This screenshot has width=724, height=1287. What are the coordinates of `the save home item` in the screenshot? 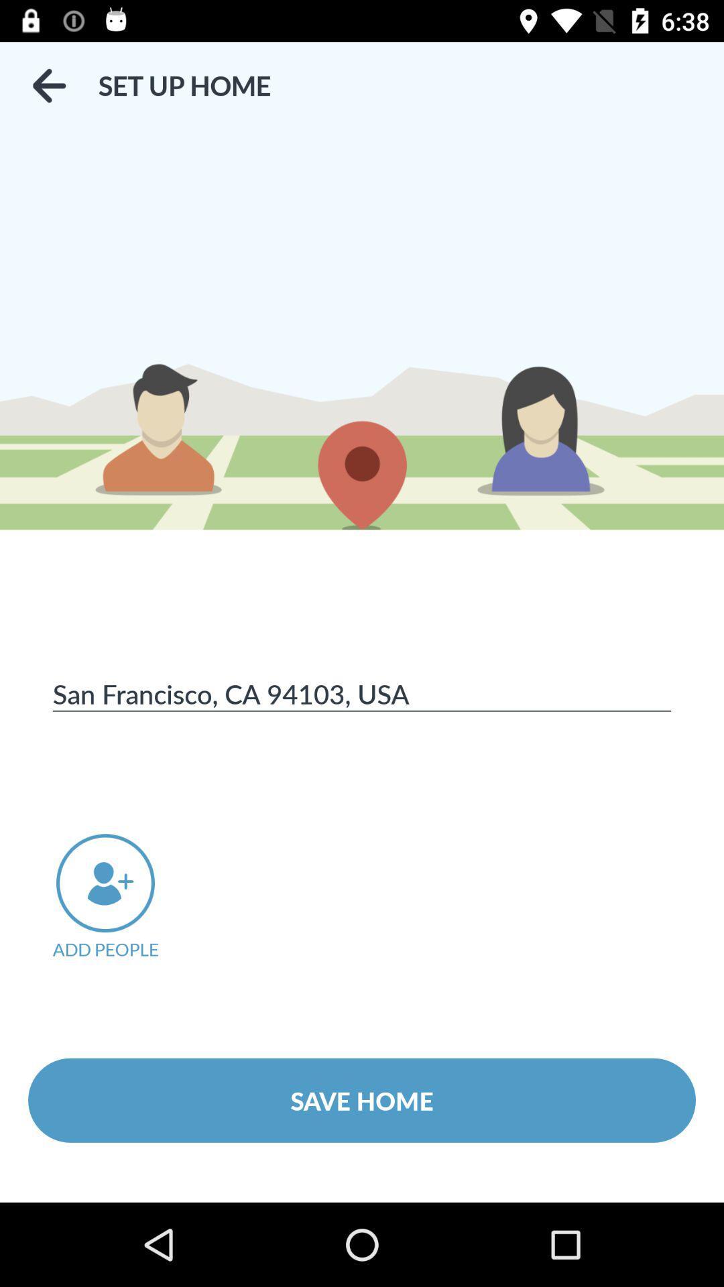 It's located at (362, 1100).